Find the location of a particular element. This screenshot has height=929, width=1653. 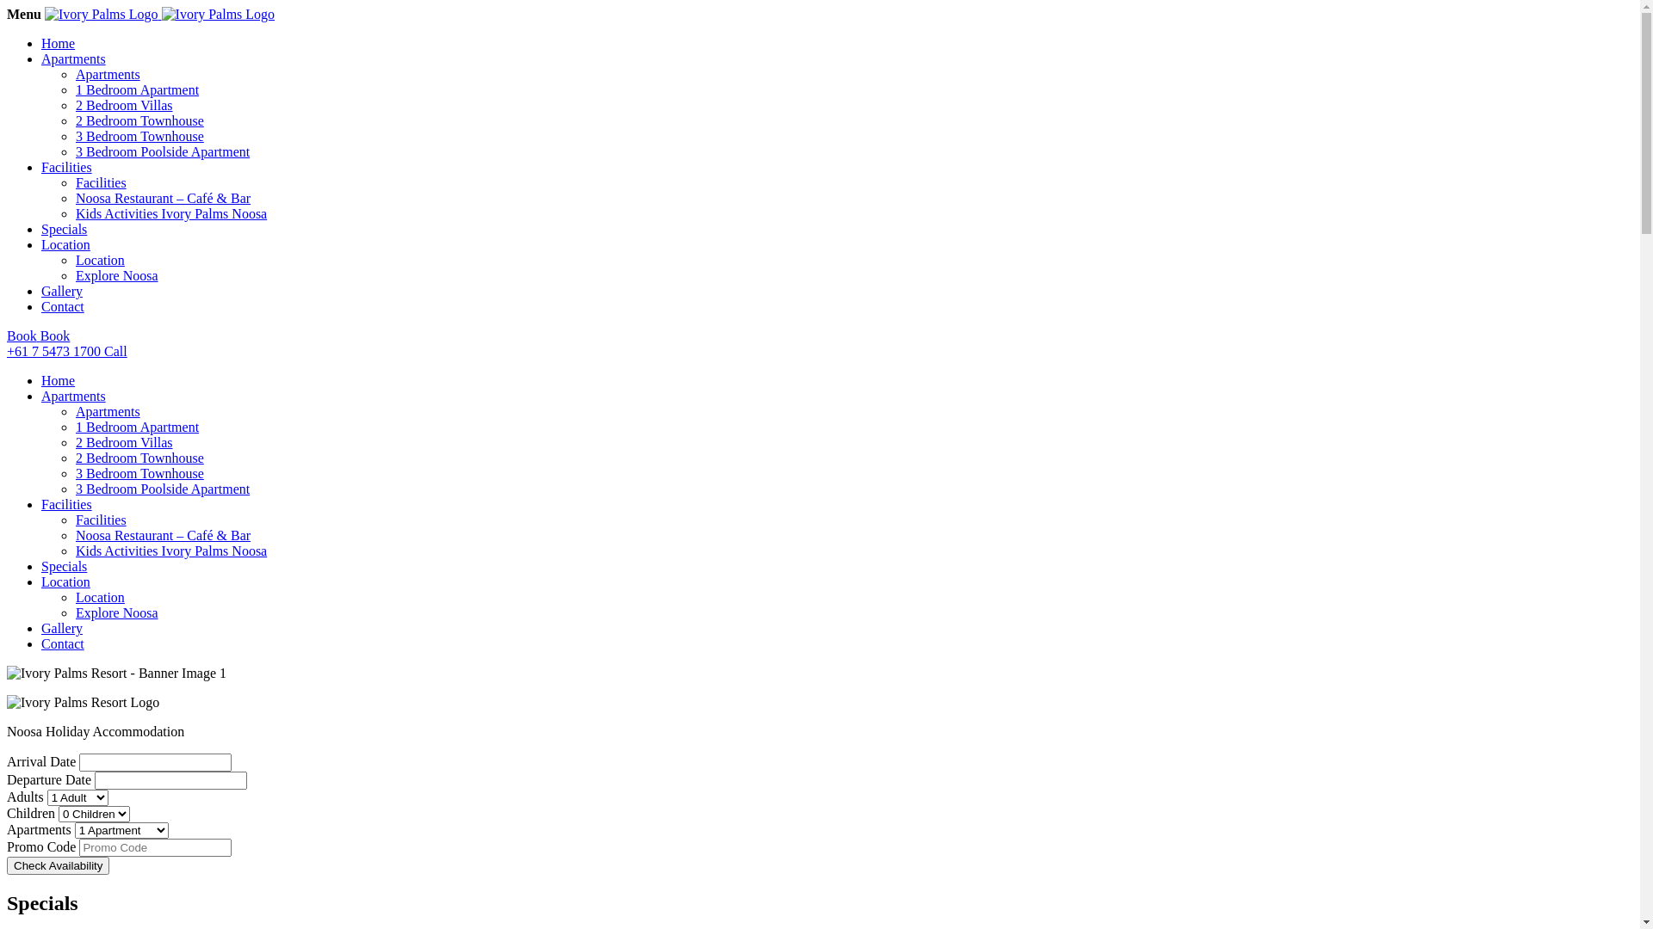

'Facilities' is located at coordinates (100, 182).